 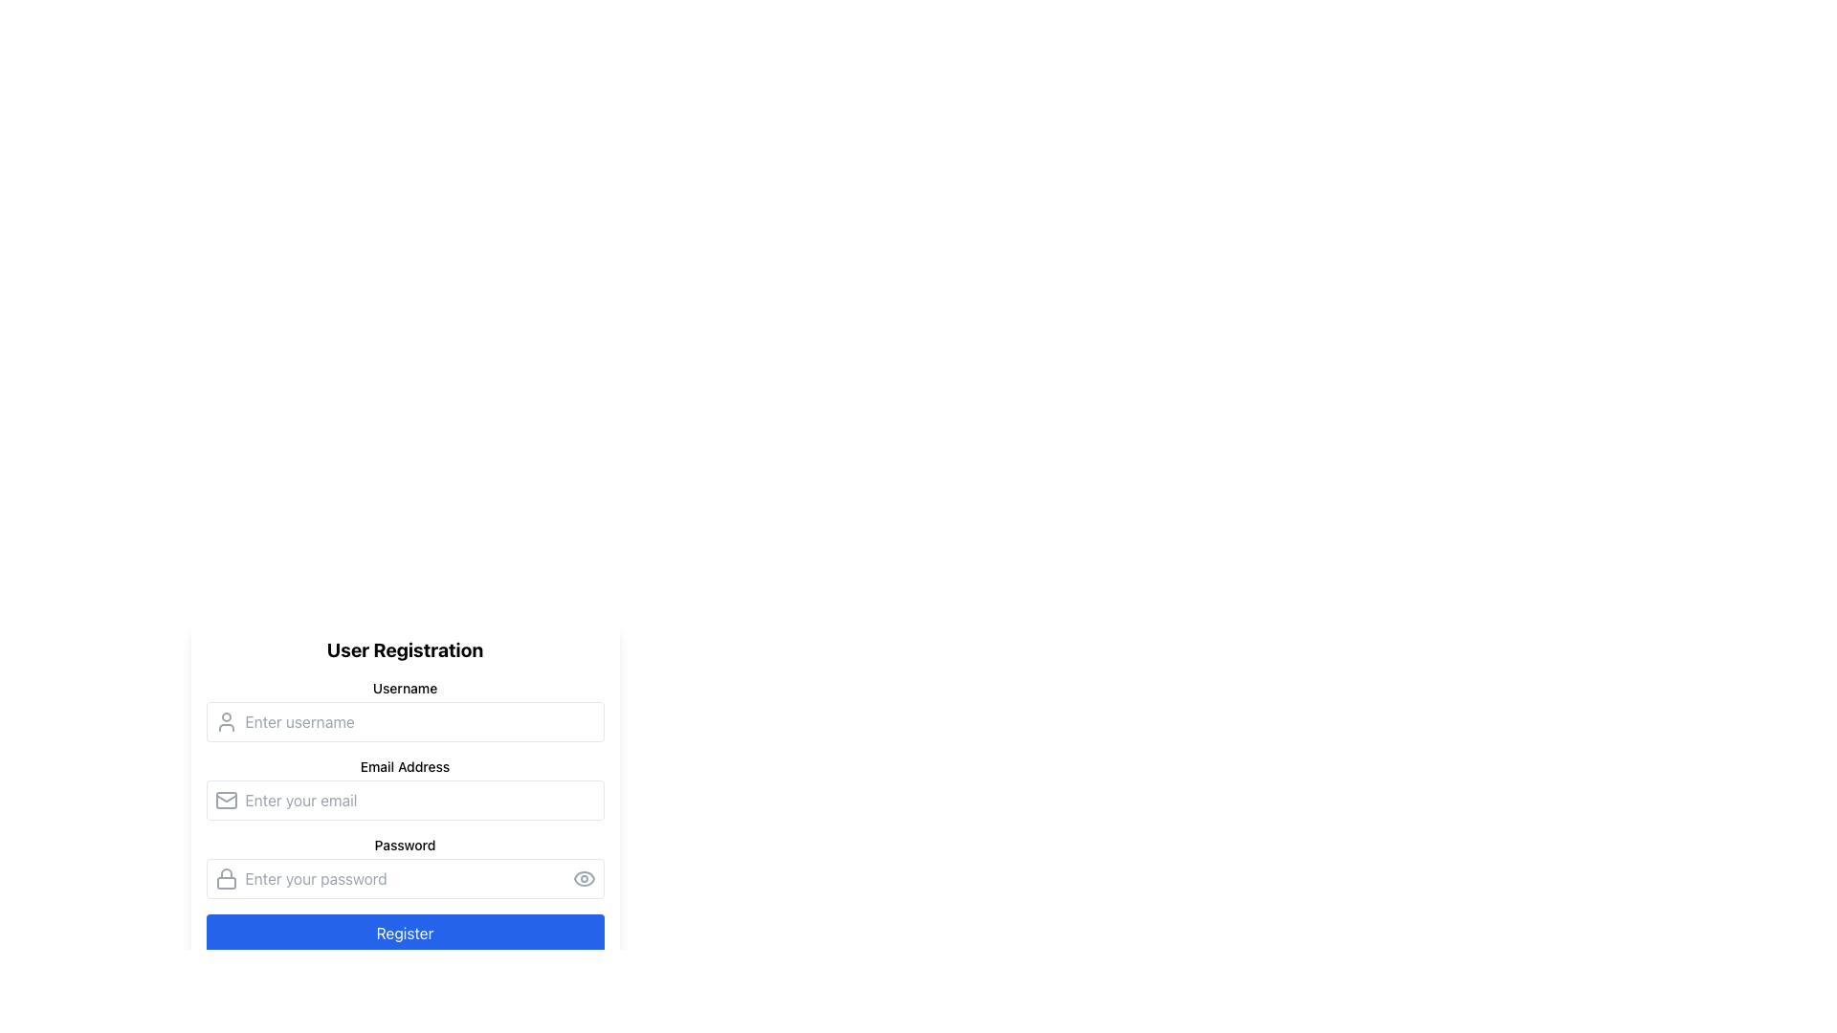 I want to click on the input fields of the 'User Registration' form to type in the username and email, so click(x=404, y=815).